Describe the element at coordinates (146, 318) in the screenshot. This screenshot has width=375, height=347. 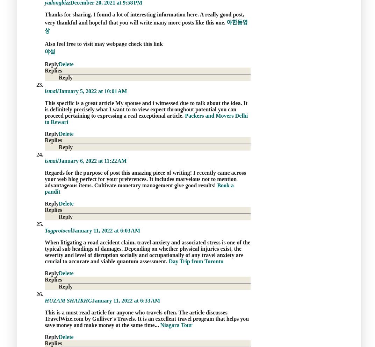
I see `'This is a must read article for anyone who travels often. The article discusses TravelWize.com by Gulliver's Travels. It is an excellent travel program that helps you save money and make money at the same time...'` at that location.